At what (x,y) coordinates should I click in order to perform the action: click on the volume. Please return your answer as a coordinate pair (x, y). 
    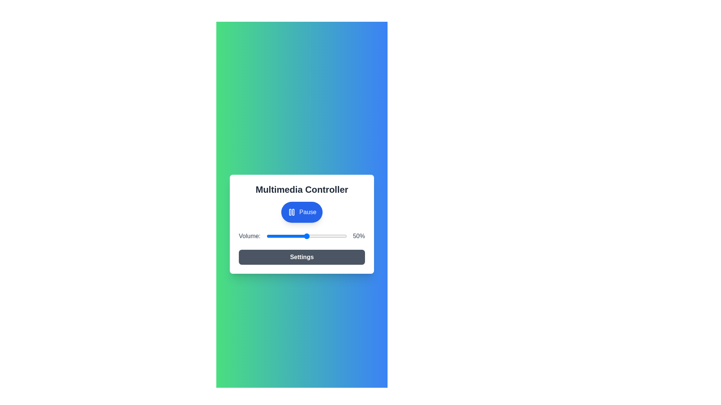
    Looking at the image, I should click on (308, 235).